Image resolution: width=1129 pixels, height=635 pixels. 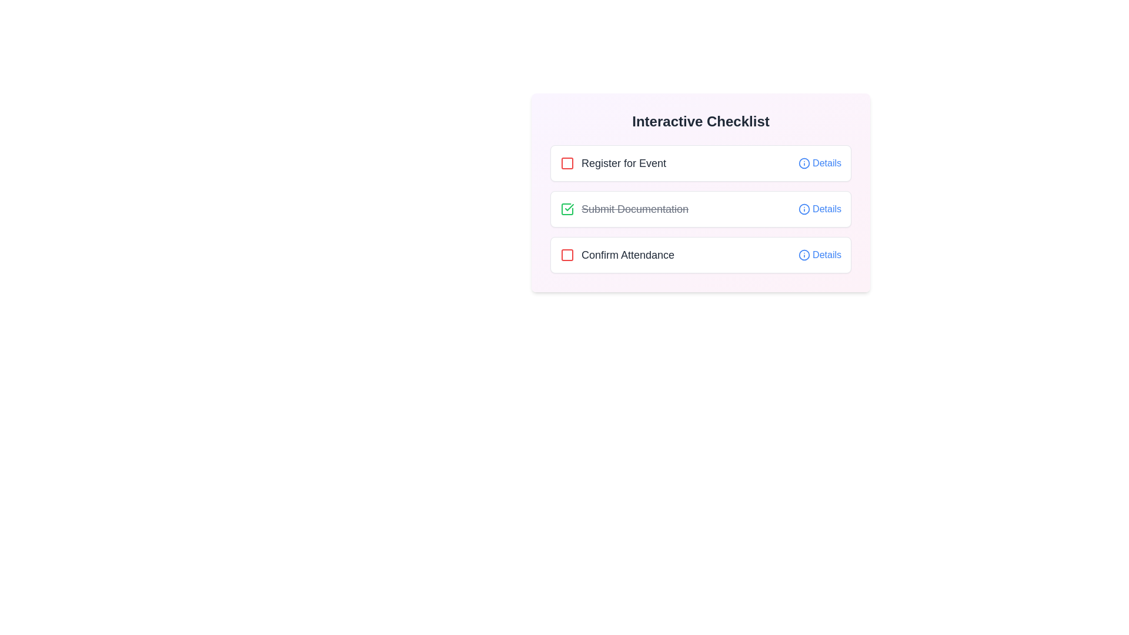 What do you see at coordinates (700, 255) in the screenshot?
I see `the checkbox of the List item labeled 'Confirm Attendance' to mark attendance` at bounding box center [700, 255].